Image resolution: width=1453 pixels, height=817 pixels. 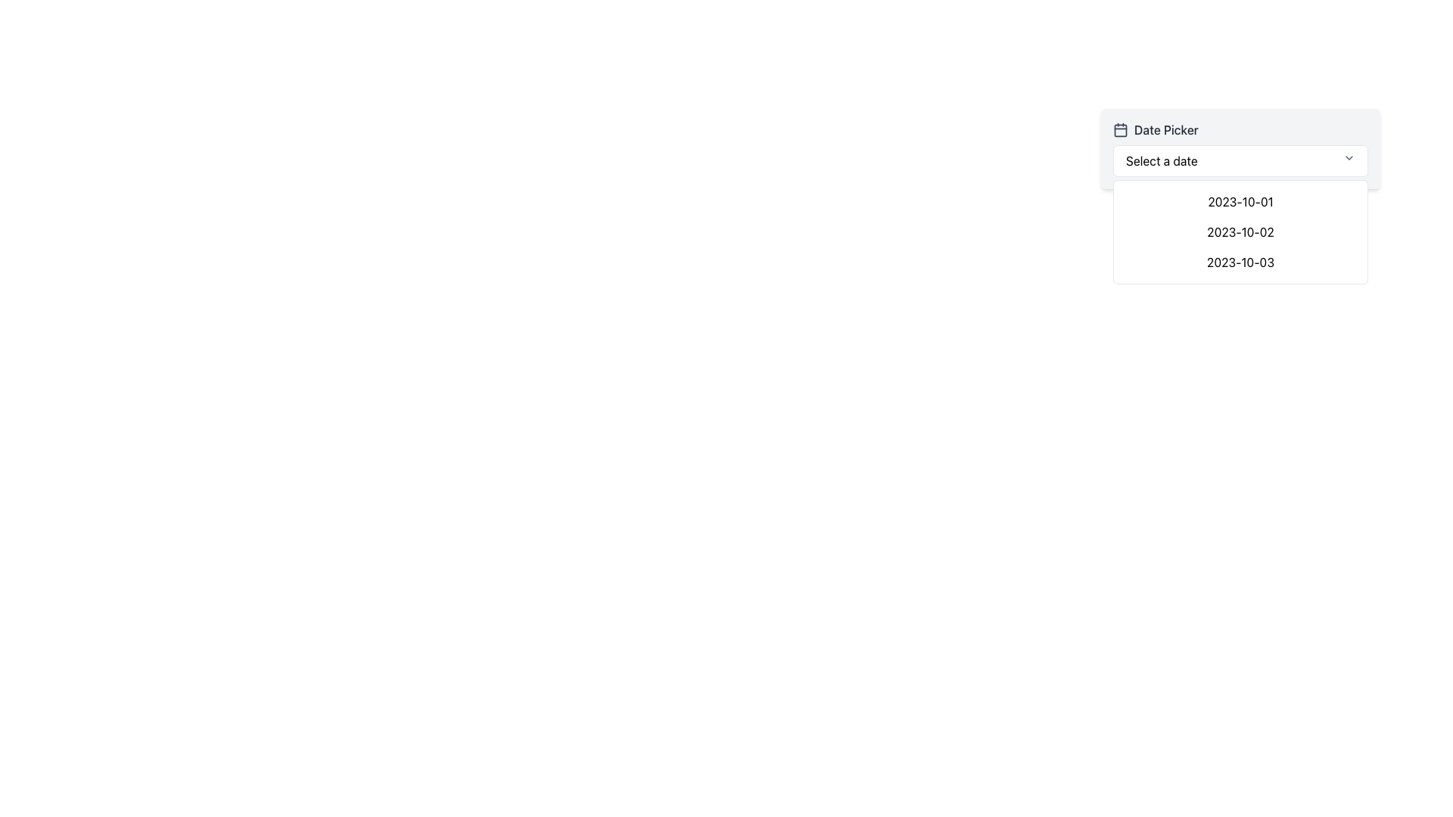 I want to click on the text label that allows users to select the date '2023-10-02' in the date picker dropdown, which is the second item in a vertically stacked list of three dates, so click(x=1240, y=232).